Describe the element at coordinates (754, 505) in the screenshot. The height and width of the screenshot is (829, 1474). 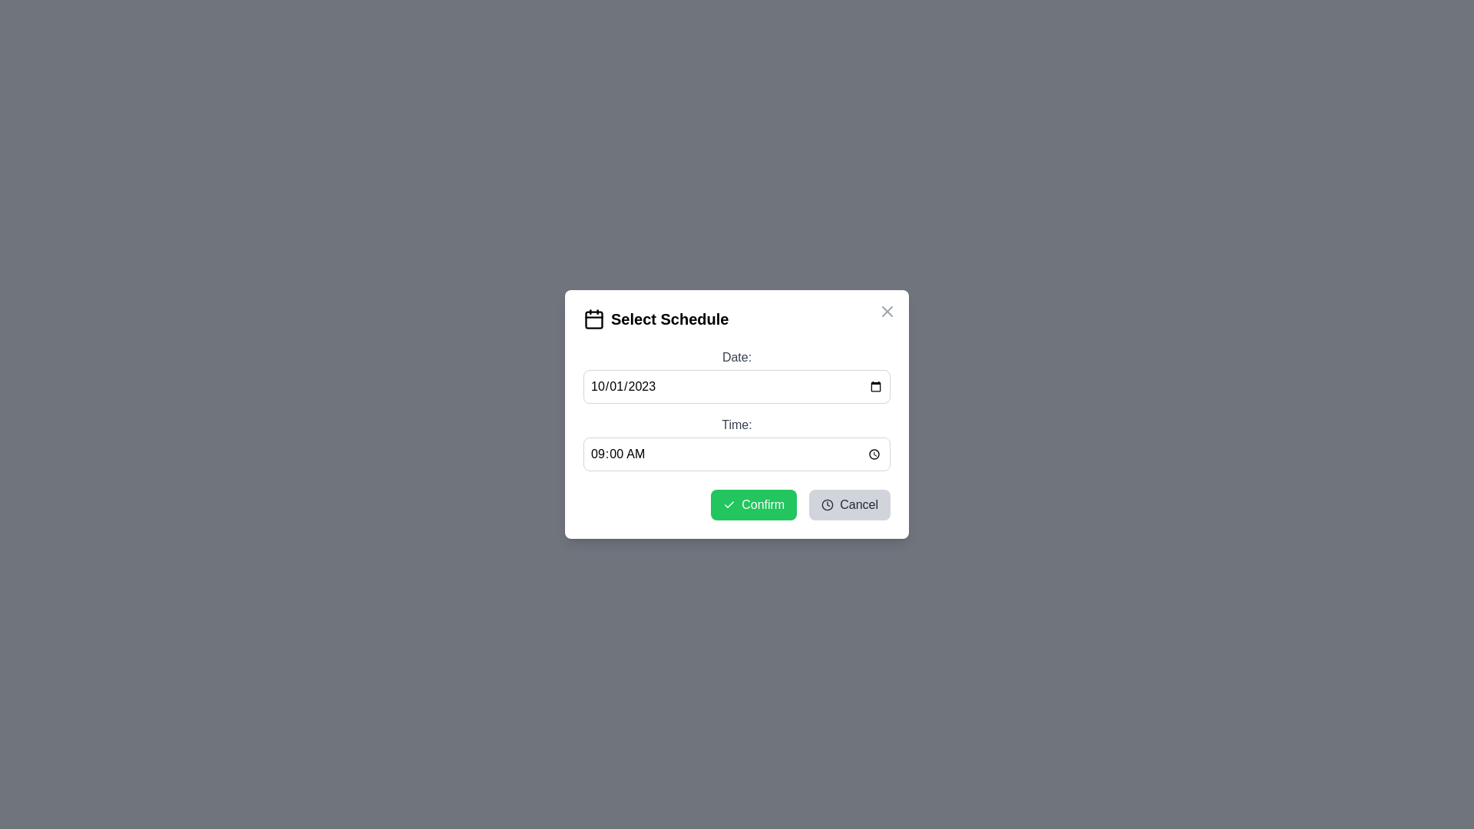
I see `the 'Confirm' button to confirm the selected schedule` at that location.